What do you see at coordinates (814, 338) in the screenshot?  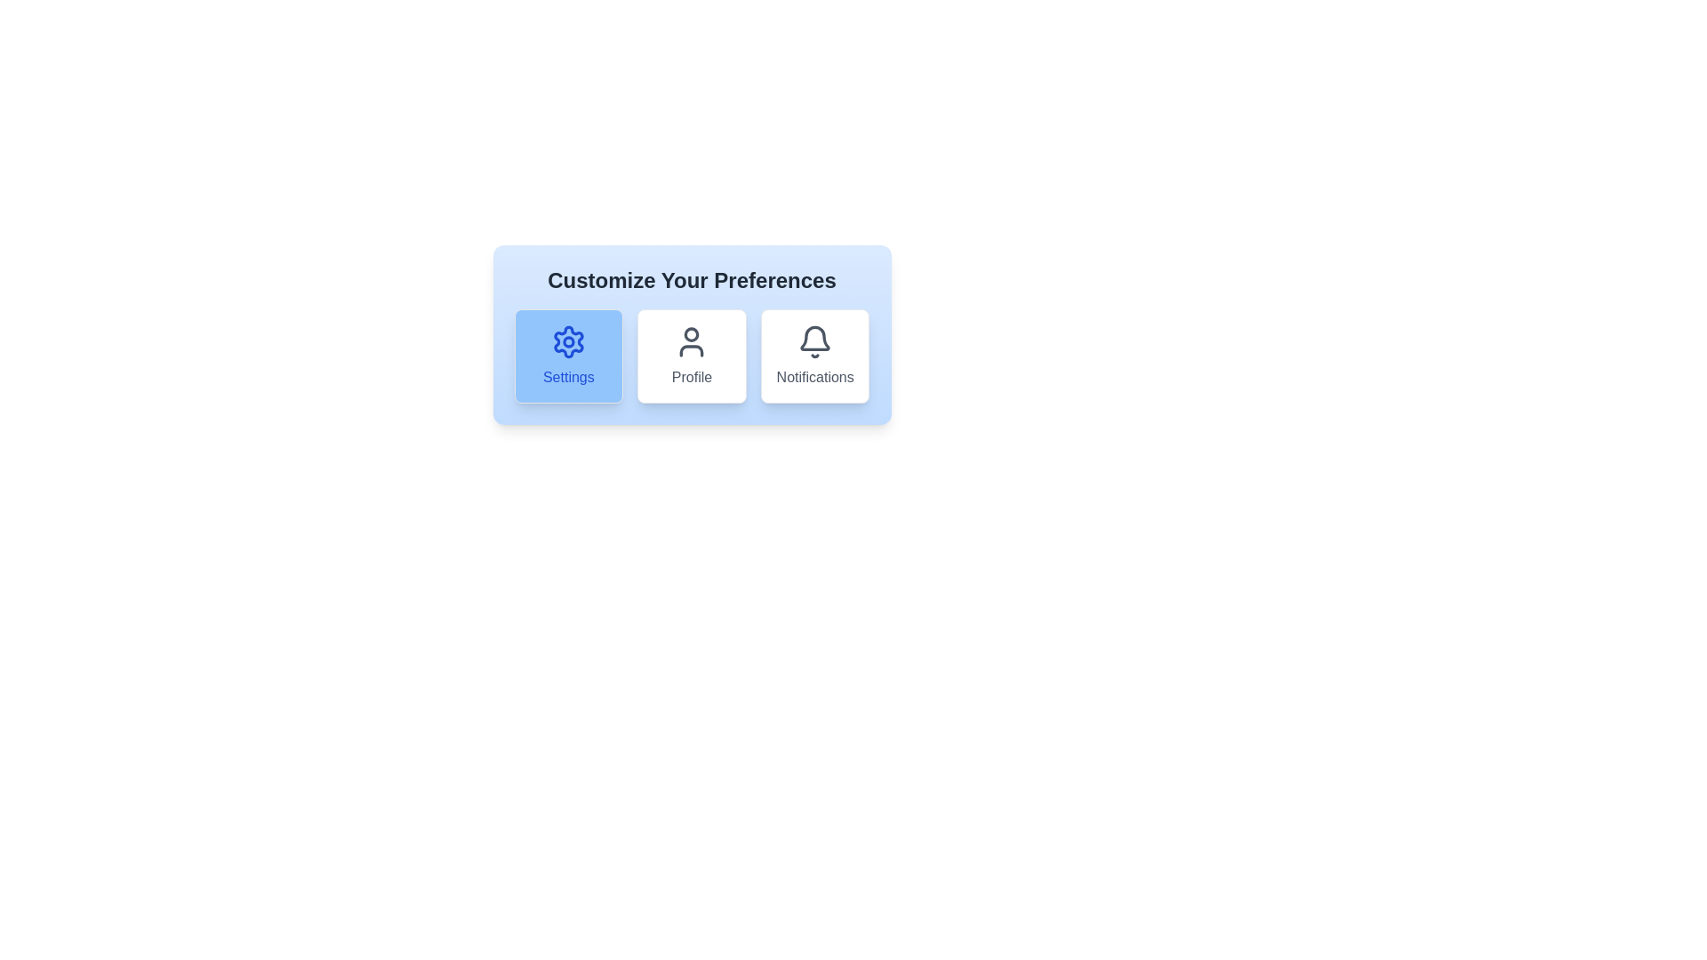 I see `the bell icon in the Notifications section, which is located to the far right within the Notifications card` at bounding box center [814, 338].